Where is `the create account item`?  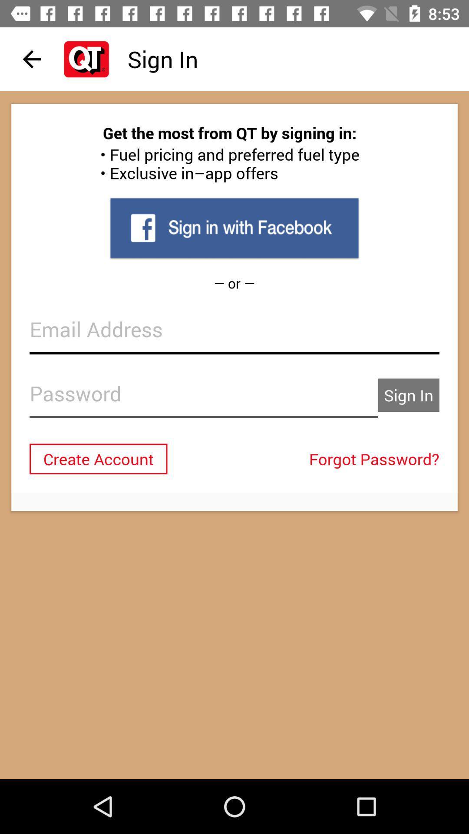
the create account item is located at coordinates (98, 458).